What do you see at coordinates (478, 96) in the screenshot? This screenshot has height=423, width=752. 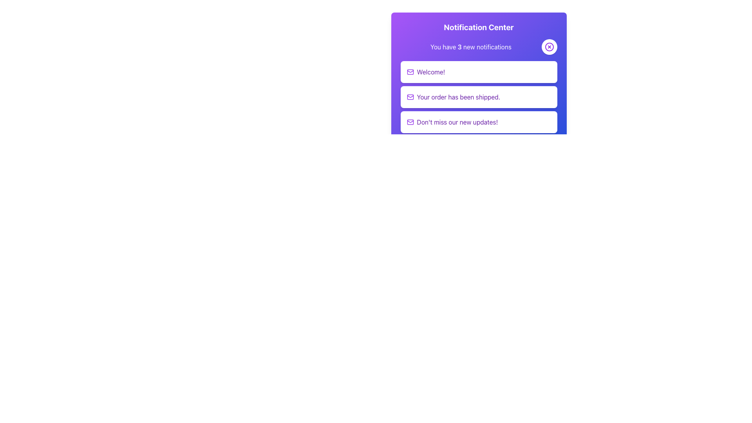 I see `shipping status message from the second notification in the notification center panel, which is located below the 'Welcome!' message` at bounding box center [478, 96].